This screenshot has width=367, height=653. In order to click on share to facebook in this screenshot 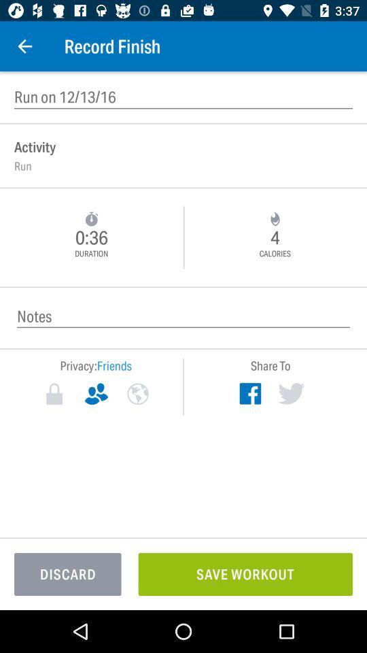, I will do `click(249, 393)`.